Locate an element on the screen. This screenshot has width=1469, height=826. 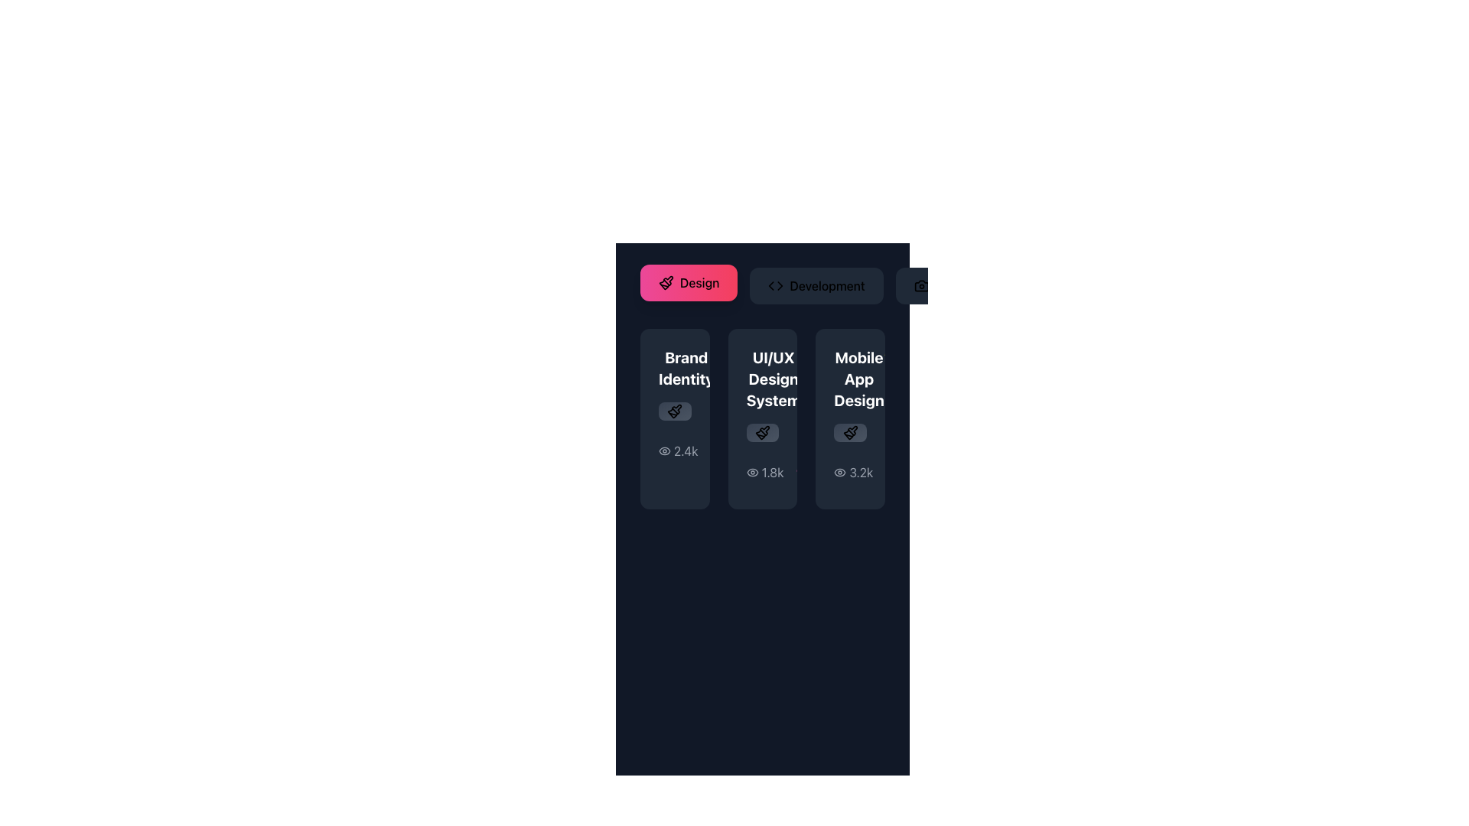
the second button in the group of three located in the second column of the 'UI/UX Design System' section is located at coordinates (763, 433).